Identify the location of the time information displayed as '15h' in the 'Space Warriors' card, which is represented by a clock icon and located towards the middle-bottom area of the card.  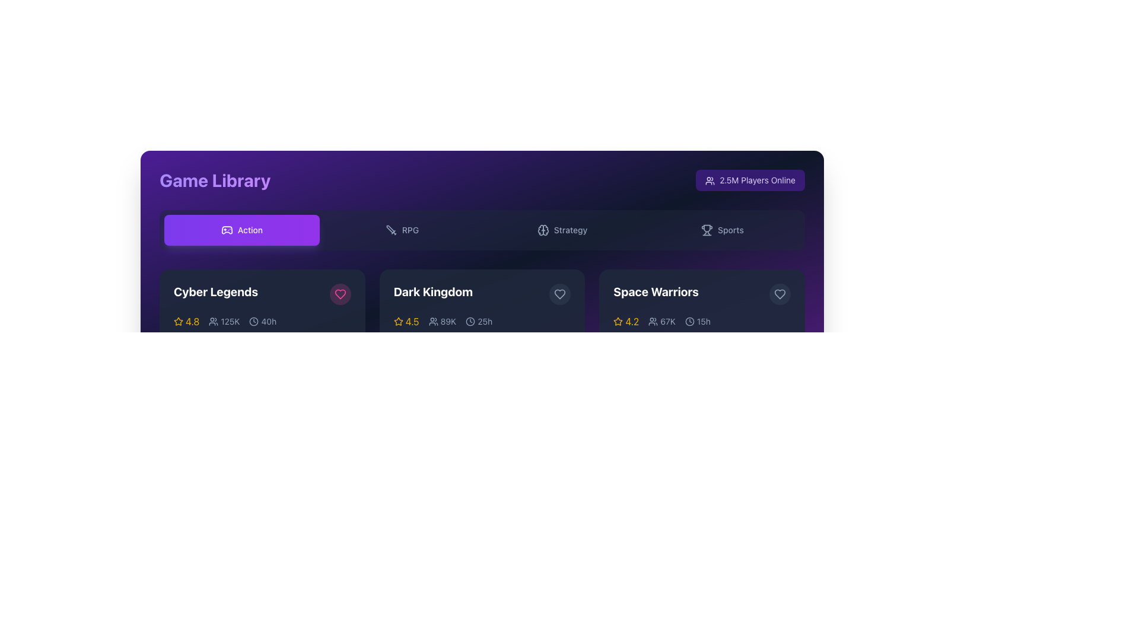
(702, 322).